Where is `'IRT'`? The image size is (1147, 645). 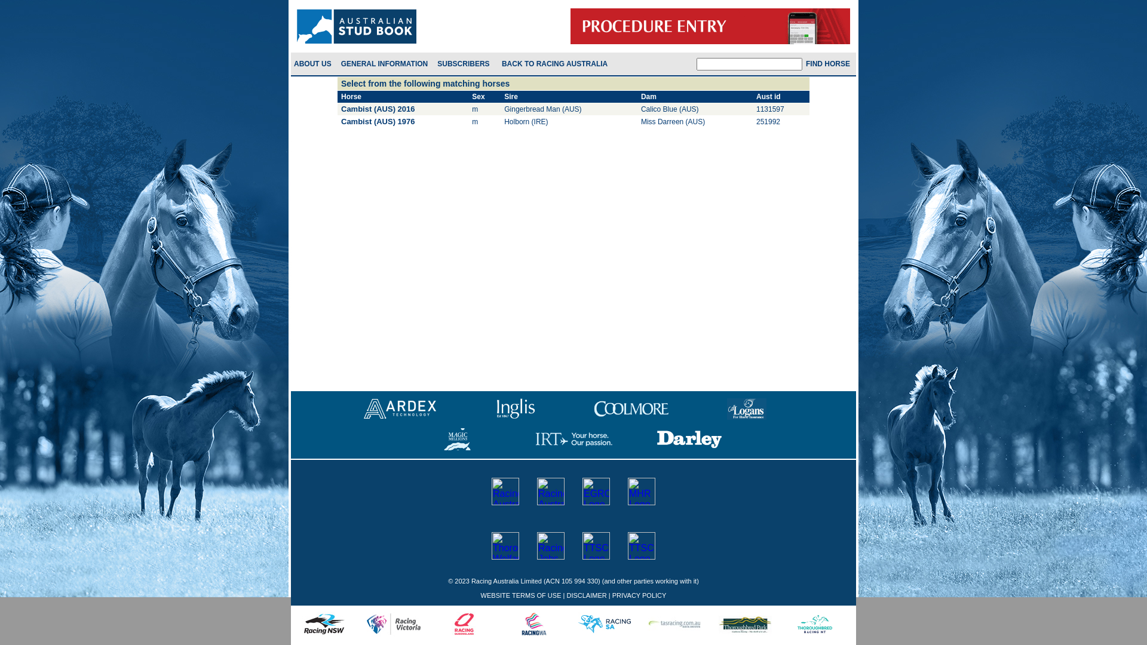 'IRT' is located at coordinates (572, 439).